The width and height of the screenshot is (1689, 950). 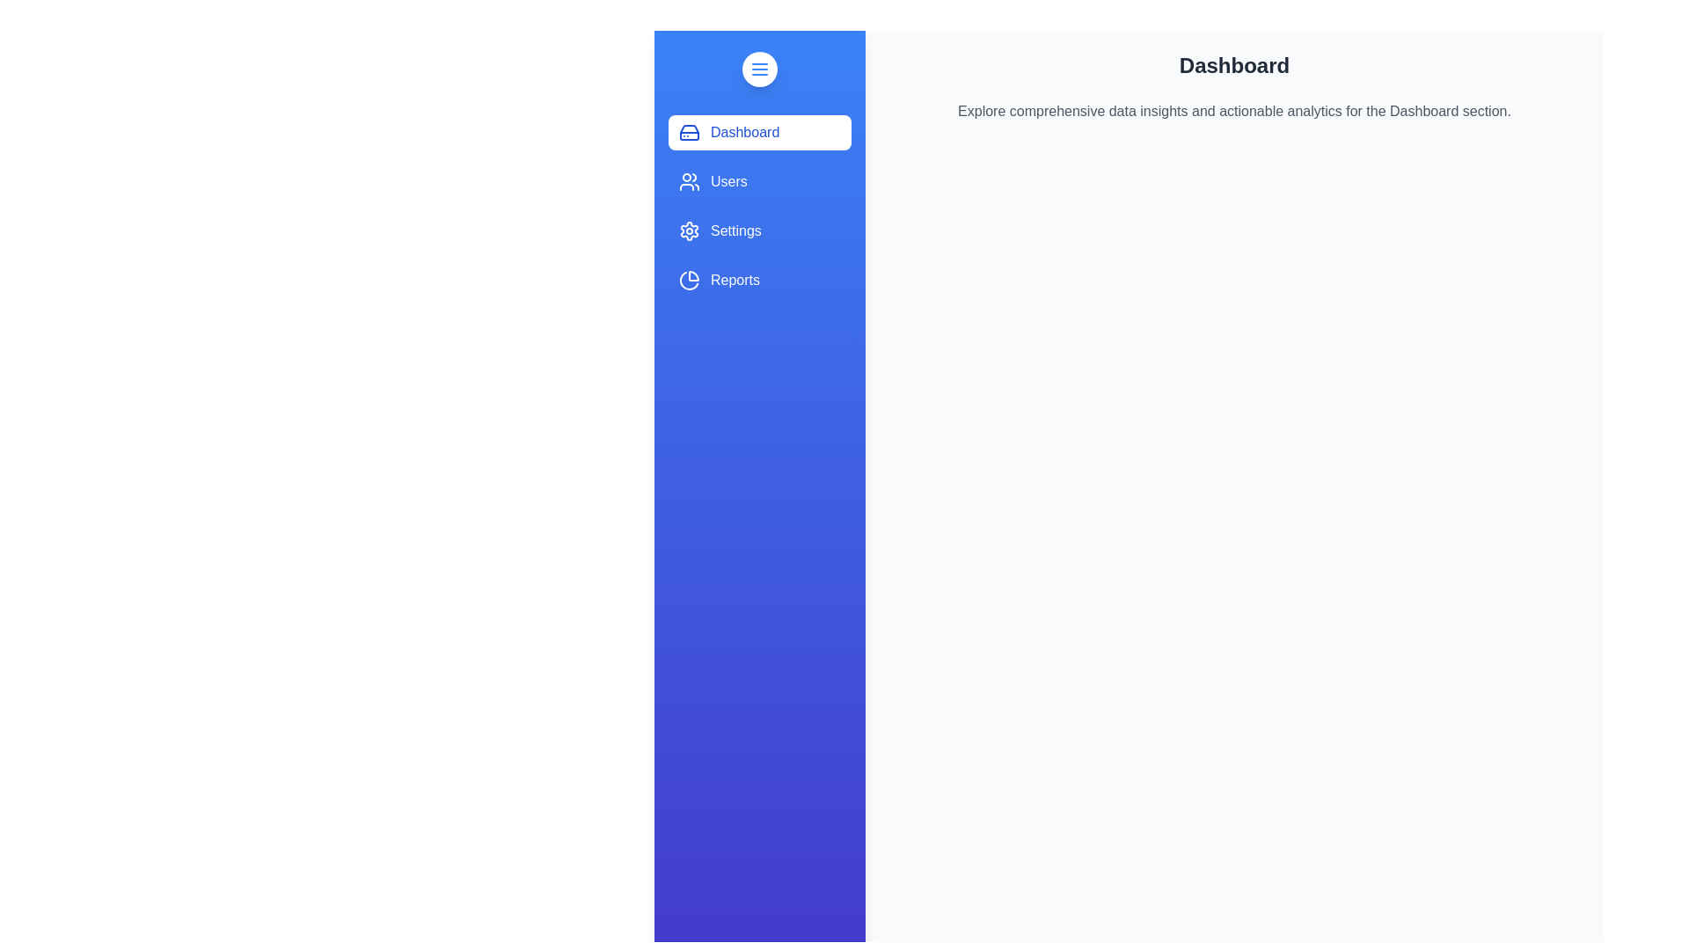 I want to click on the 'Reports' tab to activate it, so click(x=760, y=280).